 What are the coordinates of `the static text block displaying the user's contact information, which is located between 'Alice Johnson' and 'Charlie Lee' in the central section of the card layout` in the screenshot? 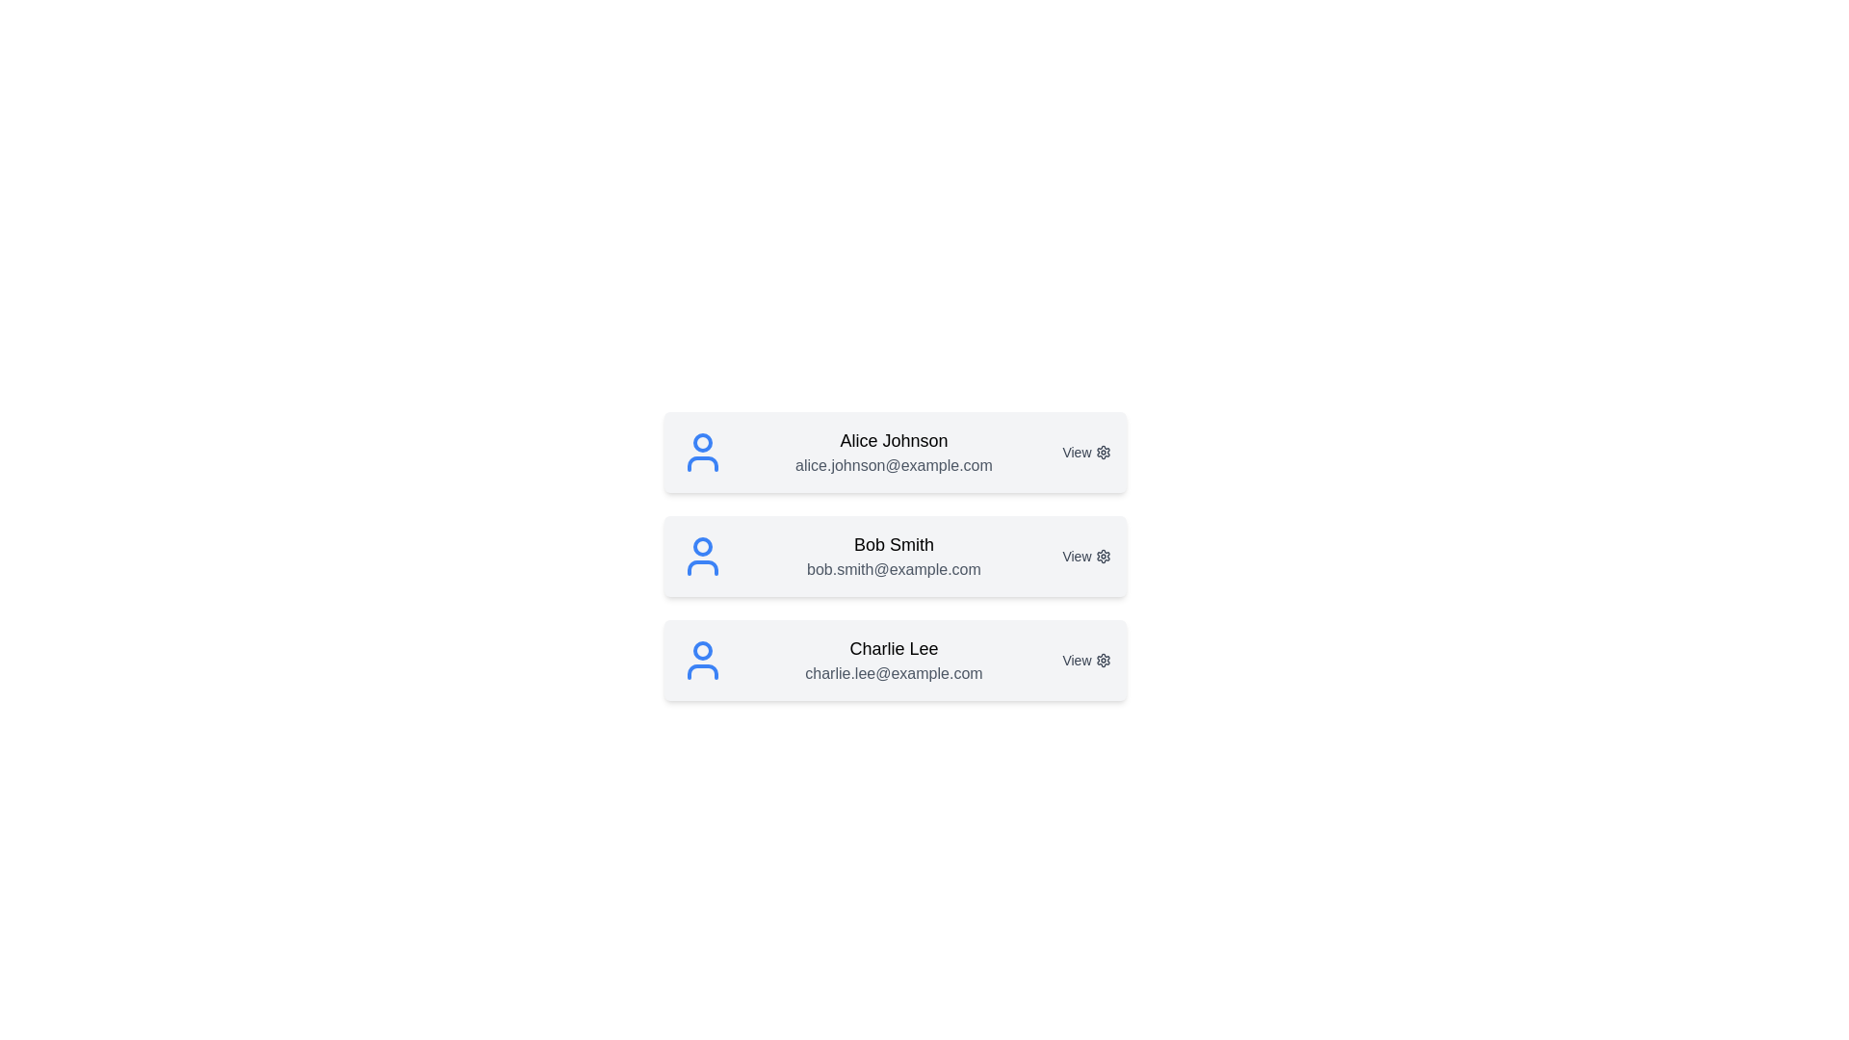 It's located at (893, 557).